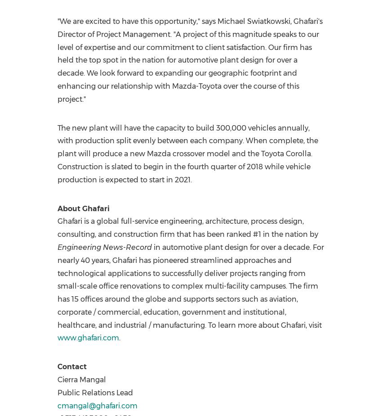  What do you see at coordinates (104, 247) in the screenshot?
I see `'Engineering News-Record'` at bounding box center [104, 247].